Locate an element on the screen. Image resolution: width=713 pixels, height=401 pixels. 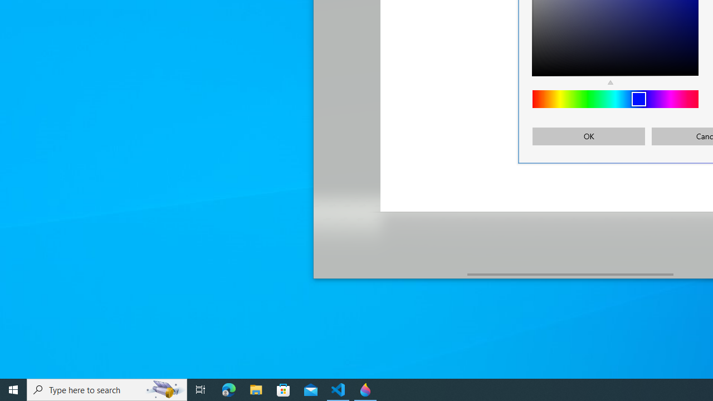
'Visual Studio Code - 1 running window' is located at coordinates (338, 389).